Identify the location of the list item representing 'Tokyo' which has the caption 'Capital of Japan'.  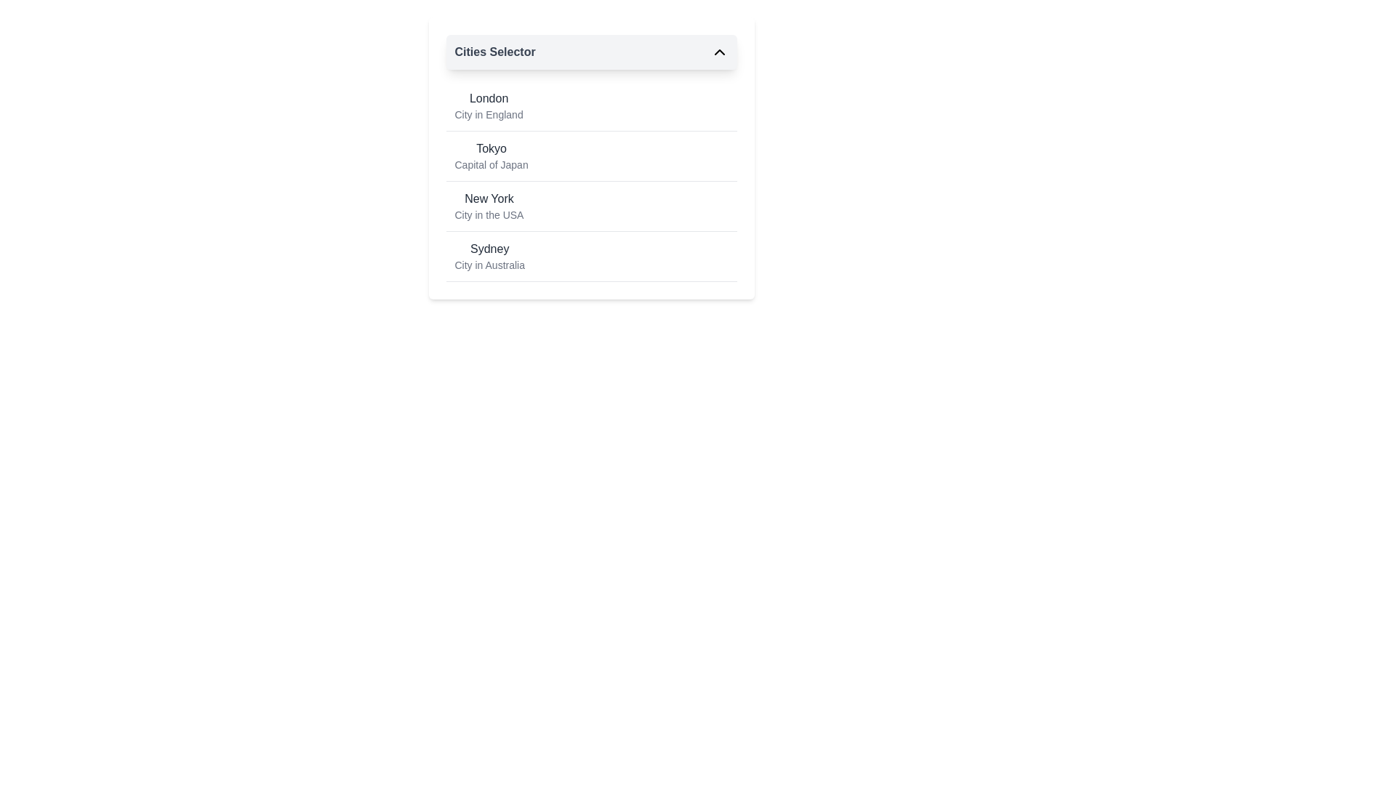
(591, 156).